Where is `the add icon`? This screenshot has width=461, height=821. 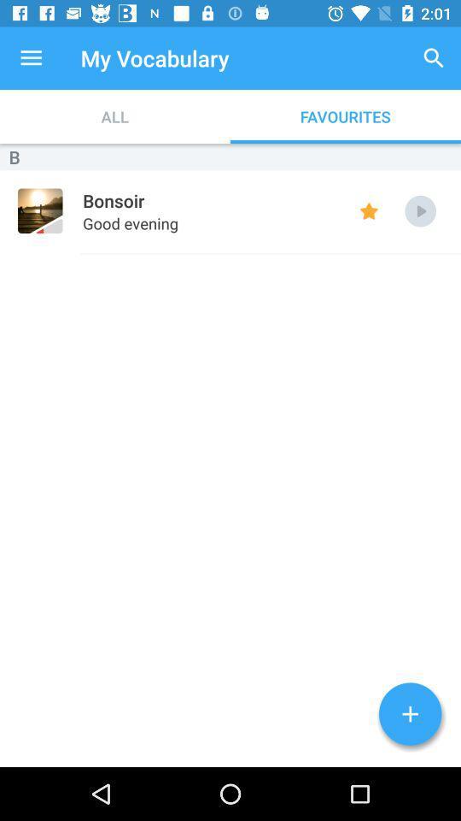
the add icon is located at coordinates (409, 714).